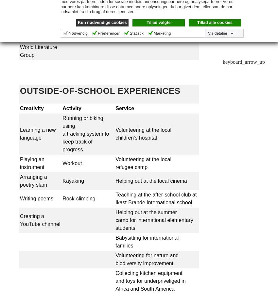 The height and width of the screenshot is (306, 278). Describe the element at coordinates (138, 16) in the screenshot. I see `'... and more!'` at that location.